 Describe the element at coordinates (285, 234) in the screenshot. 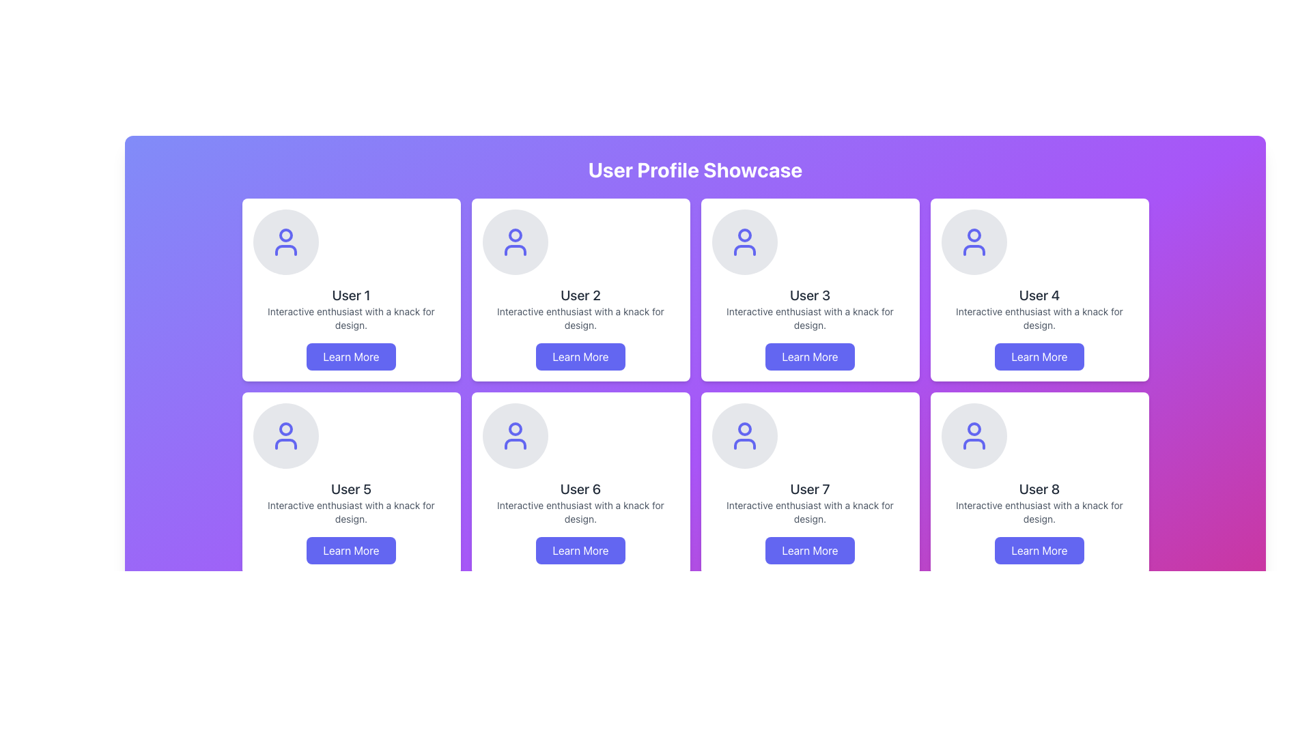

I see `the circular graphical detail within the user icon of the 'User 1' profile card located at the top-left corner of the user showcase interface` at that location.